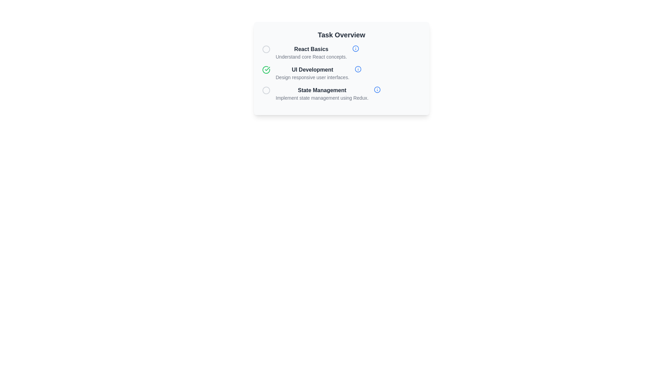 The image size is (658, 370). Describe the element at coordinates (341, 94) in the screenshot. I see `the information icon in the 'State Management' list item` at that location.